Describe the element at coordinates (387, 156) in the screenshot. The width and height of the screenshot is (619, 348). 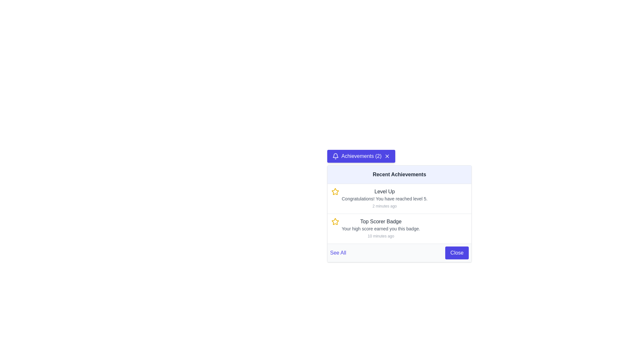
I see `the narrow diagonal cross icon, which is styled with two intersecting lines forming an 'X' located in a lightly shaded box at the top-right corner of the 'Achievements' modal window` at that location.